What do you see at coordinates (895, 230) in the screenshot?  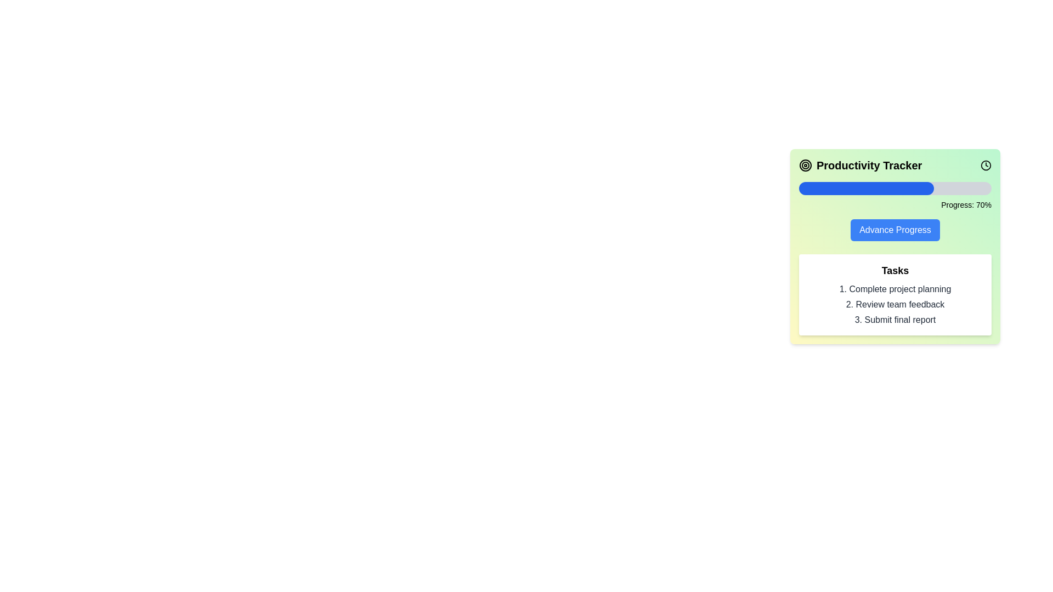 I see `the button located in the 'Productivity Tracker' card panel, positioned below the progress bar showing 'Progress: 70%'` at bounding box center [895, 230].